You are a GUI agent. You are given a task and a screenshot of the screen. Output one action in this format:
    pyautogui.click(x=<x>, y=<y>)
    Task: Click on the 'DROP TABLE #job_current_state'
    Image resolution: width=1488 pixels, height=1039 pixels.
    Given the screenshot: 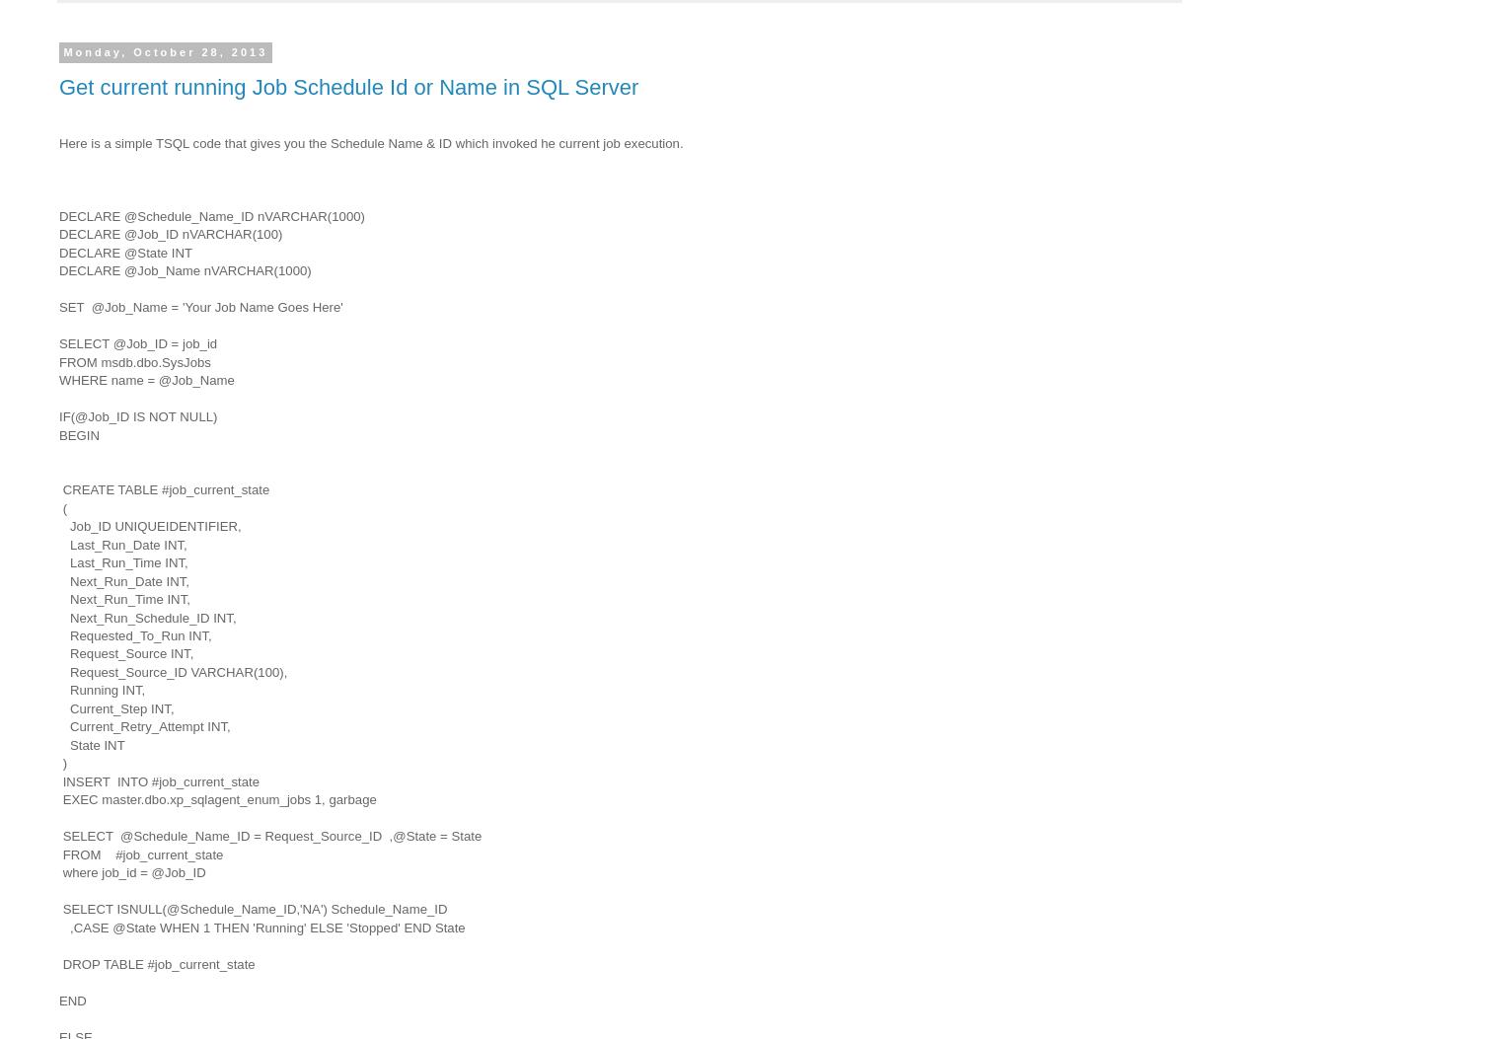 What is the action you would take?
    pyautogui.click(x=158, y=963)
    